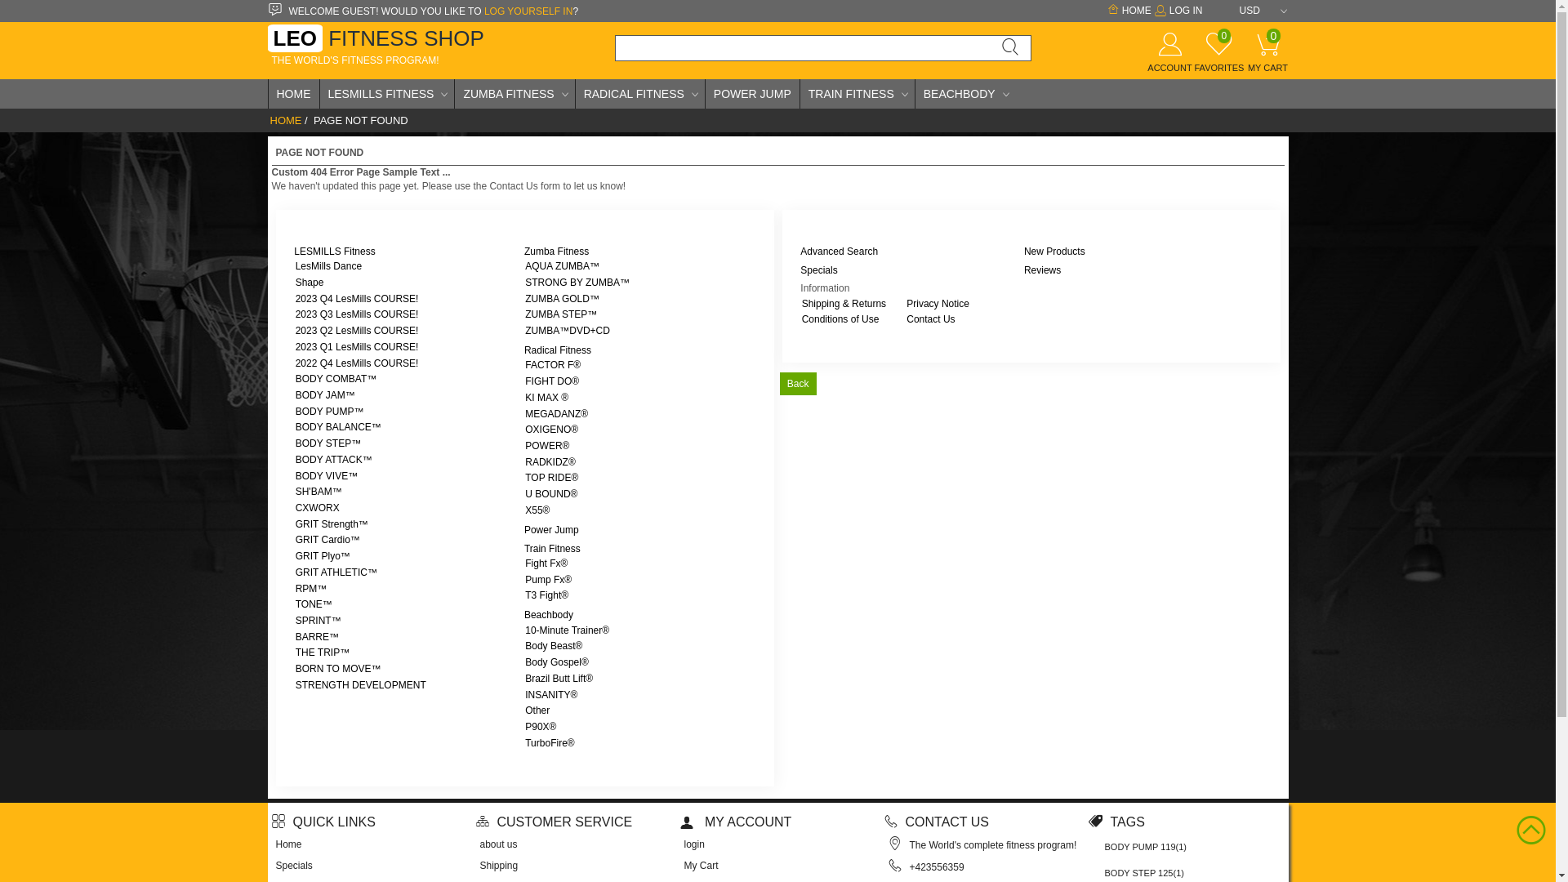  What do you see at coordinates (844, 303) in the screenshot?
I see `'Shipping & Returns'` at bounding box center [844, 303].